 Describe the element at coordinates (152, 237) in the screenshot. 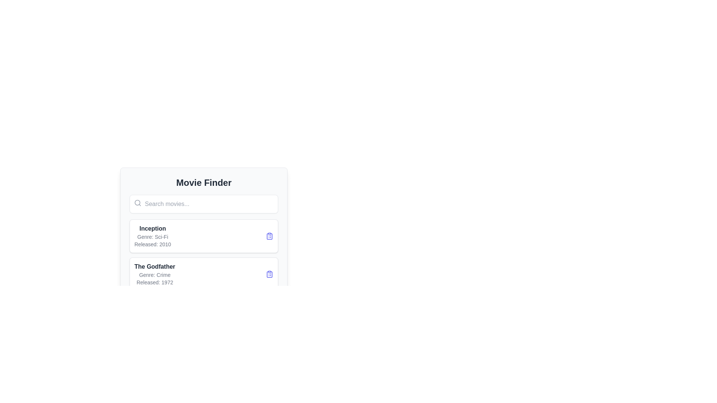

I see `the text label that reads 'Genre: Sci-Fi', which is located below the title 'Inception' in the movie detail section` at that location.